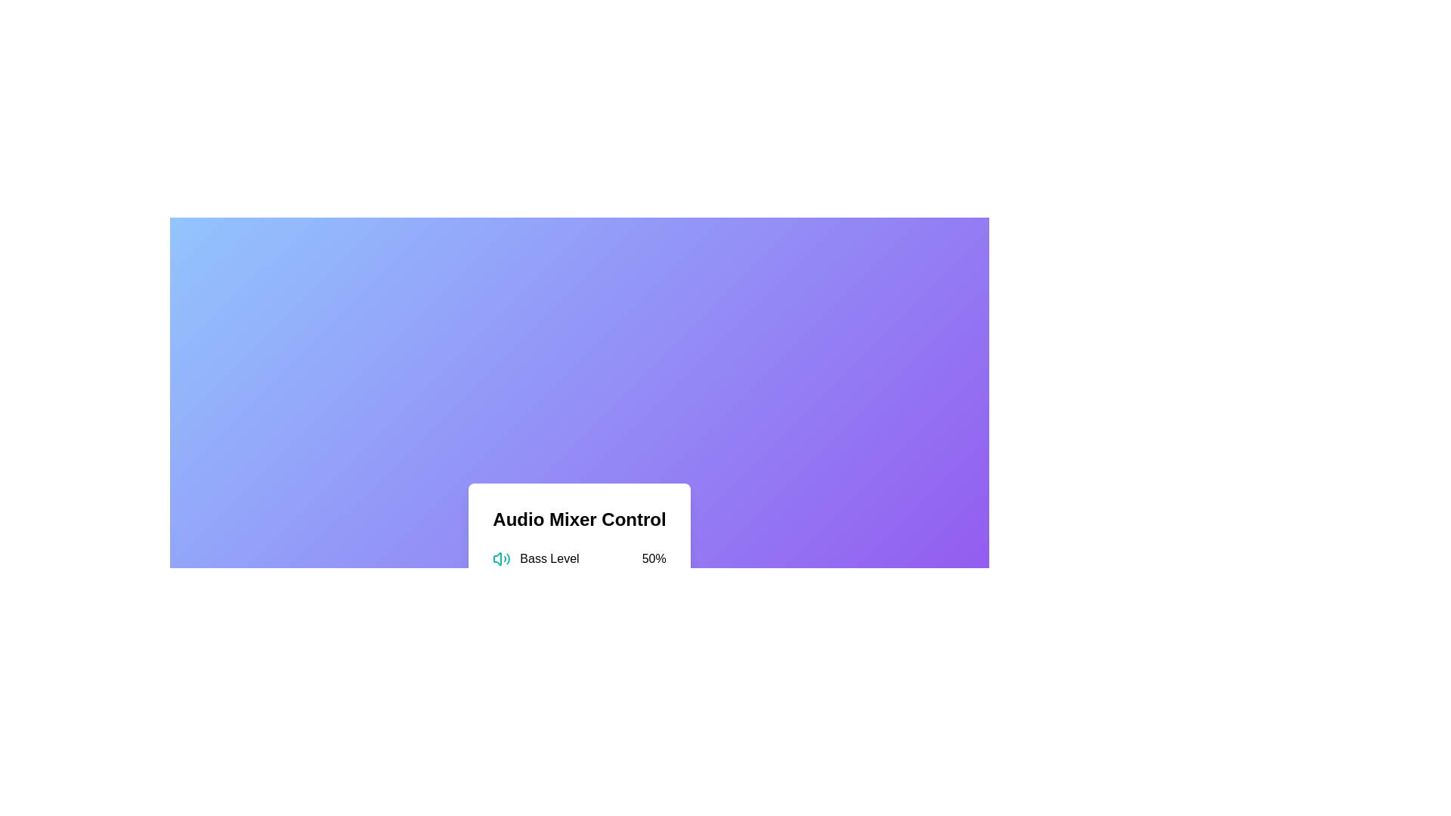  What do you see at coordinates (585, 577) in the screenshot?
I see `the Bass Level slider to 54%` at bounding box center [585, 577].